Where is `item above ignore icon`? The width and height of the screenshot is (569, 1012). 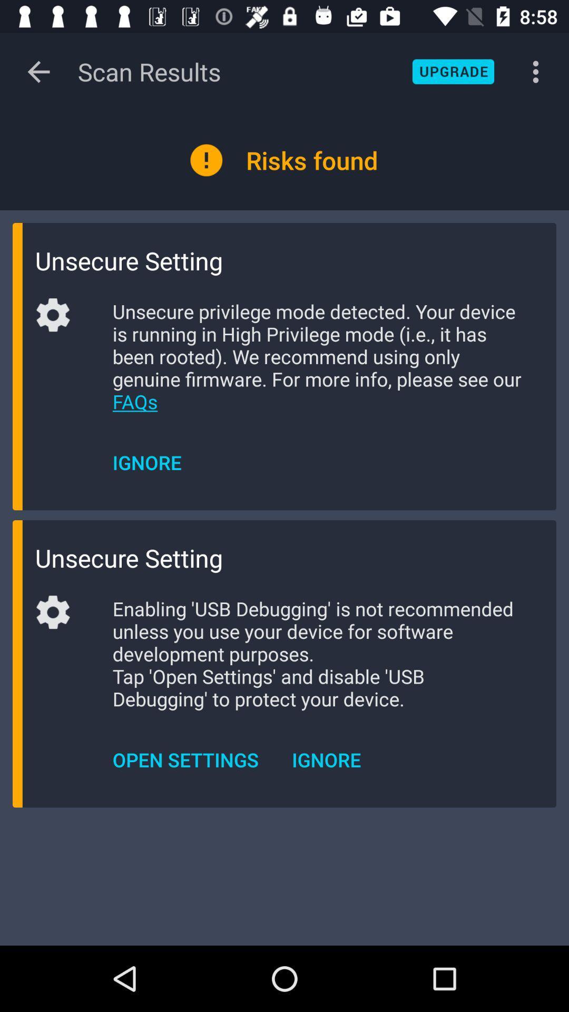 item above ignore icon is located at coordinates (318, 356).